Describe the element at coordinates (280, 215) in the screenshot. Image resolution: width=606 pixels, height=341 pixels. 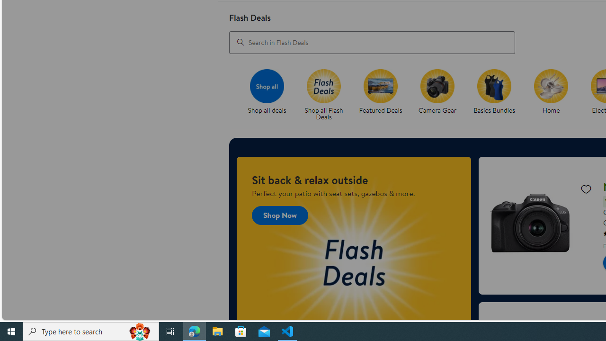
I see `'Shop Now'` at that location.